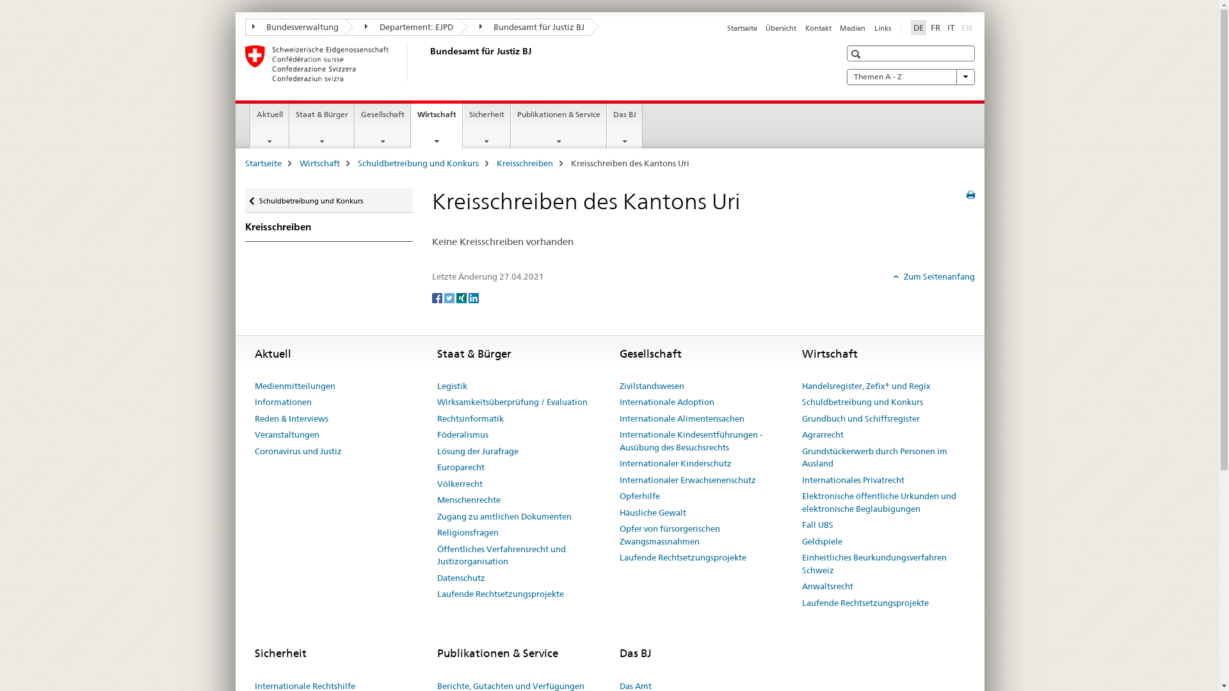 Image resolution: width=1229 pixels, height=691 pixels. What do you see at coordinates (821, 542) in the screenshot?
I see `'Geldspiele'` at bounding box center [821, 542].